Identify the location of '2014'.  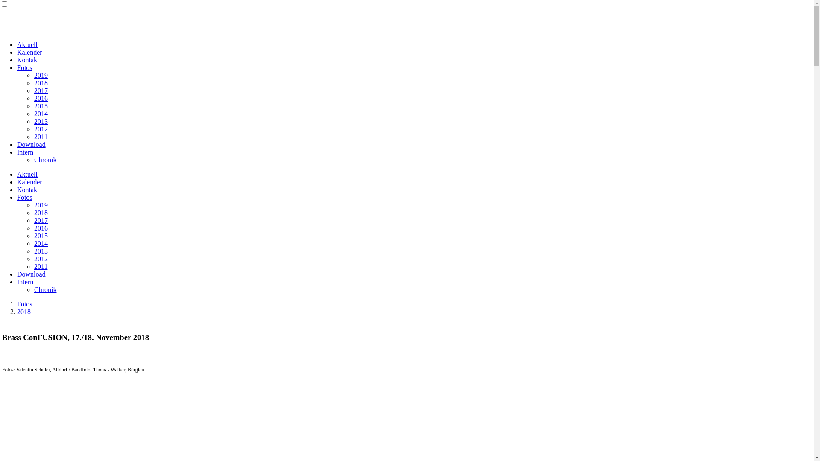
(34, 113).